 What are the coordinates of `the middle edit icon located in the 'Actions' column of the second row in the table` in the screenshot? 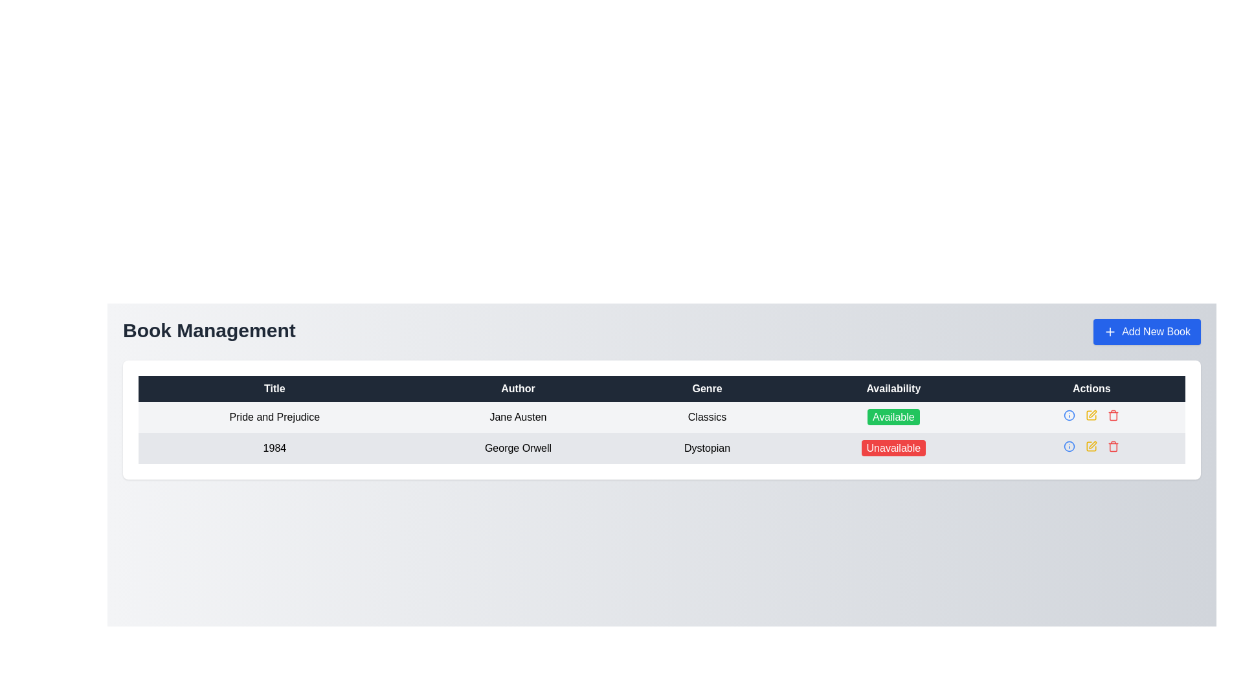 It's located at (1092, 444).